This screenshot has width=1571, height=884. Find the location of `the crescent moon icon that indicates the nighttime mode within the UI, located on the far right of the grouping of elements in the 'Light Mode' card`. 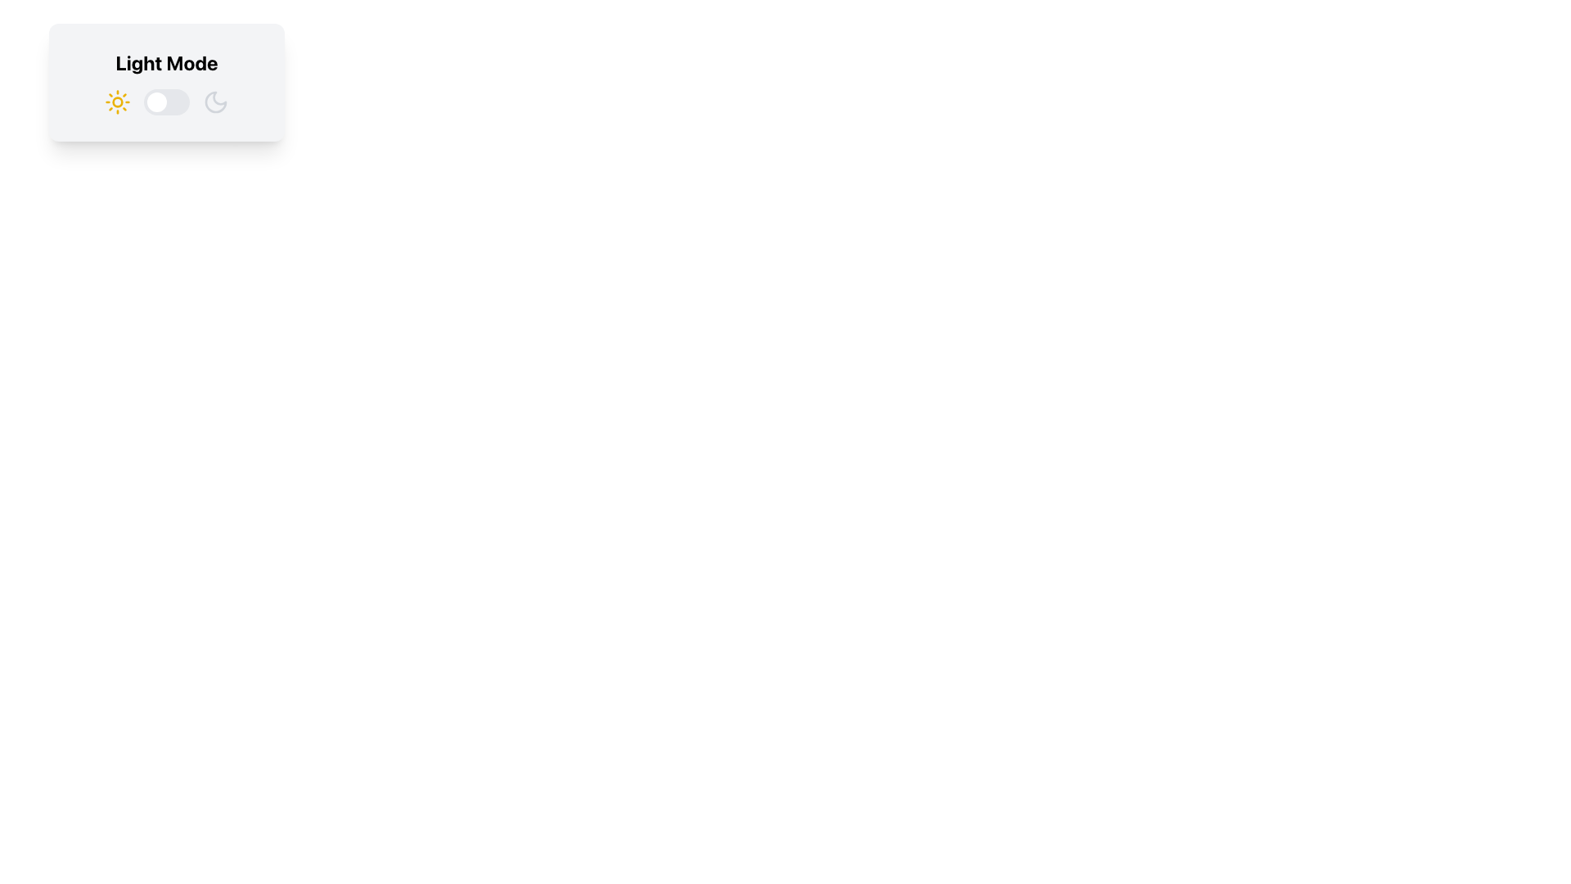

the crescent moon icon that indicates the nighttime mode within the UI, located on the far right of the grouping of elements in the 'Light Mode' card is located at coordinates (215, 101).